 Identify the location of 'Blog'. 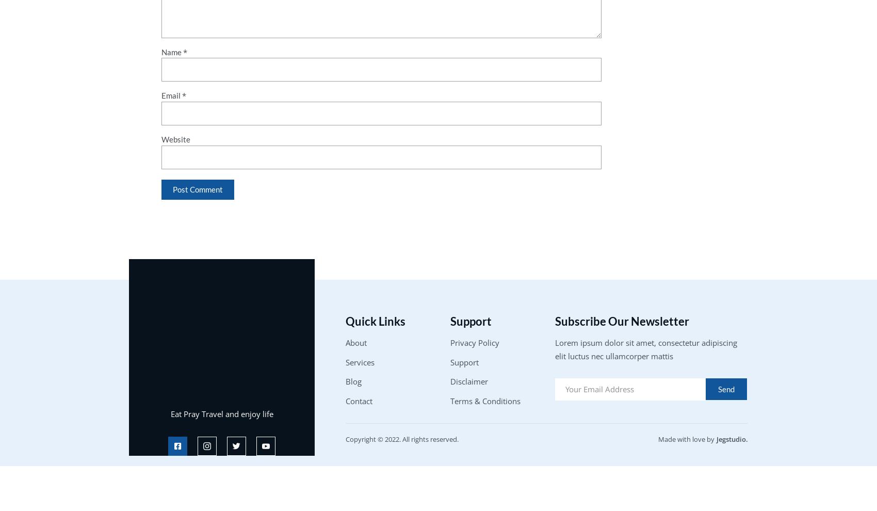
(353, 381).